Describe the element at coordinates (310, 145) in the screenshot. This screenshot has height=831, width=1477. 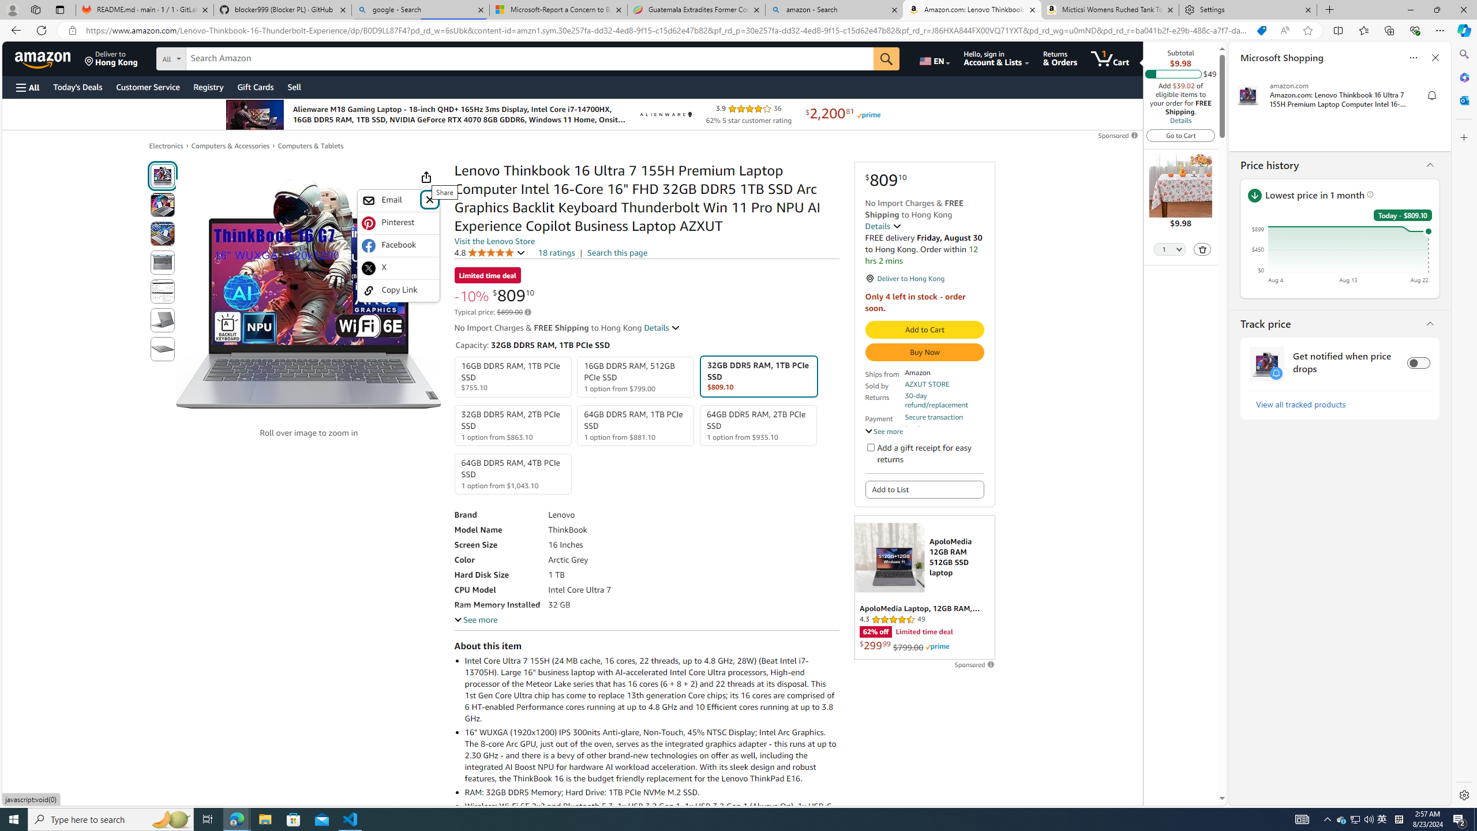
I see `'Computers & Tablets'` at that location.